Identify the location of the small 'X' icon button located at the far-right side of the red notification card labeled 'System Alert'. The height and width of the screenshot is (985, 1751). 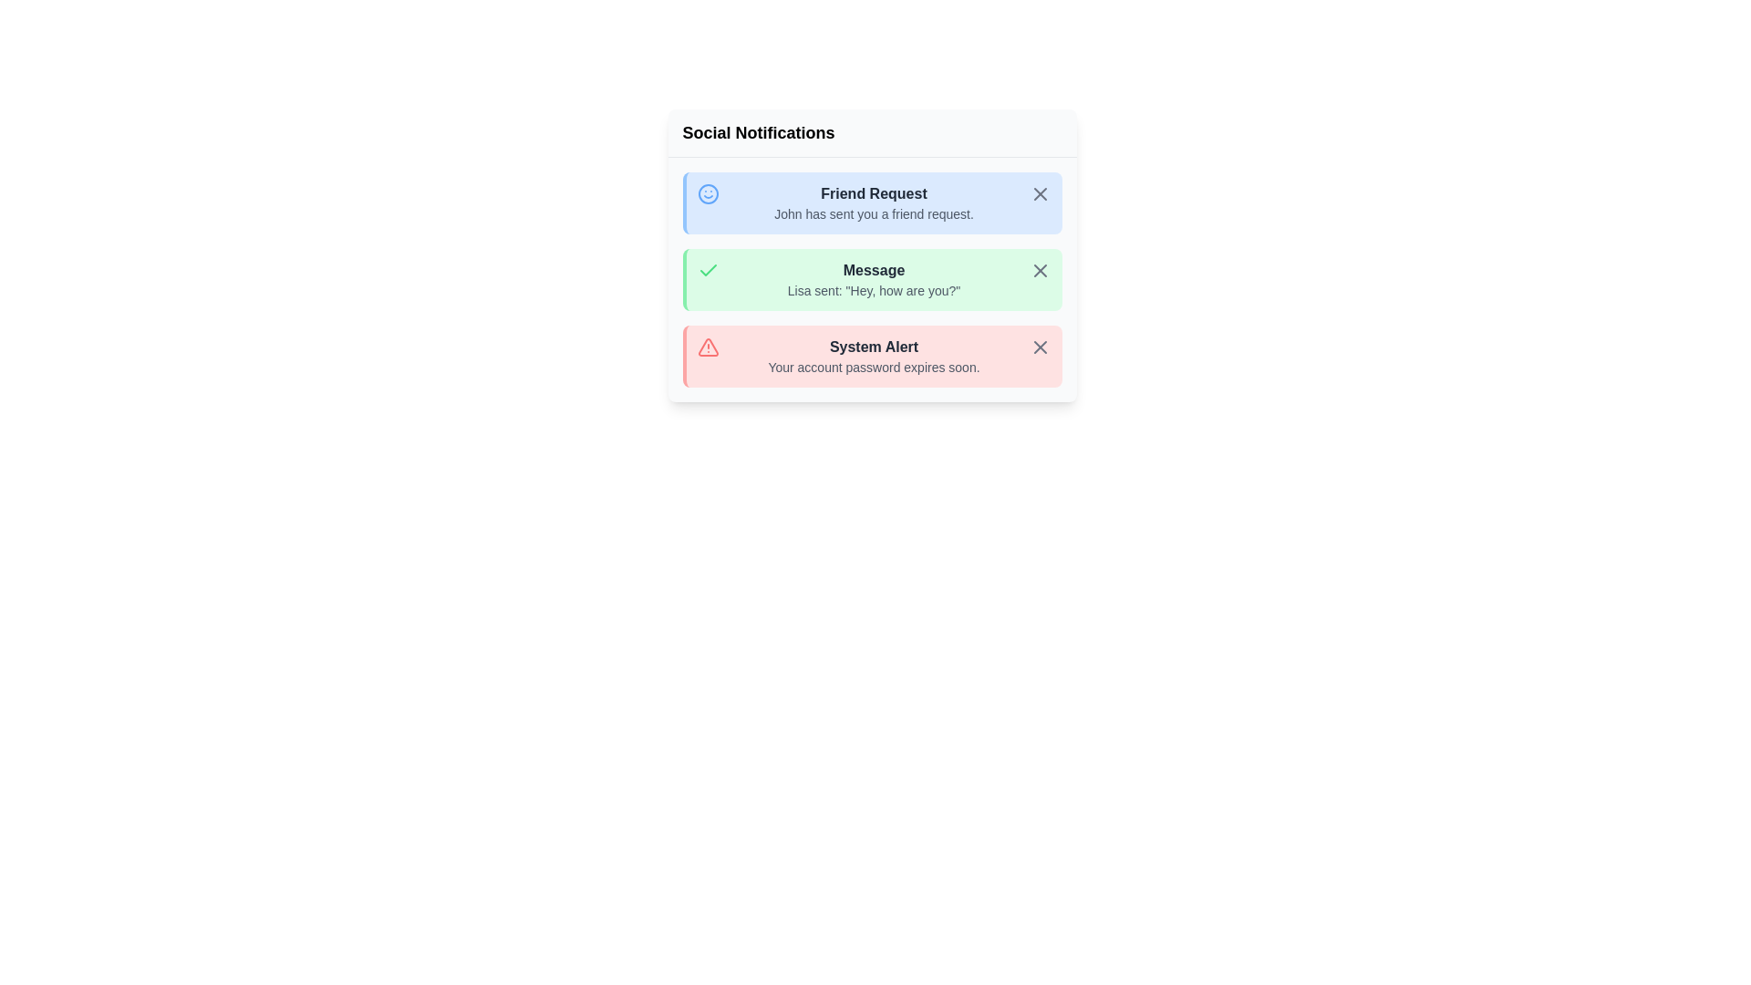
(1040, 347).